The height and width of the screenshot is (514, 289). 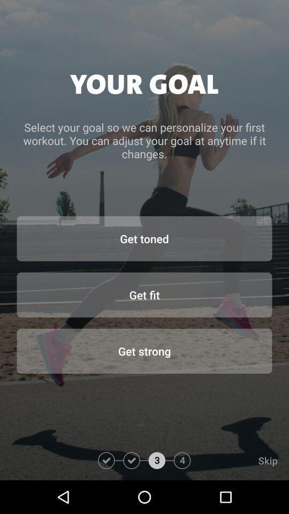 What do you see at coordinates (144, 294) in the screenshot?
I see `icon above get strong icon` at bounding box center [144, 294].